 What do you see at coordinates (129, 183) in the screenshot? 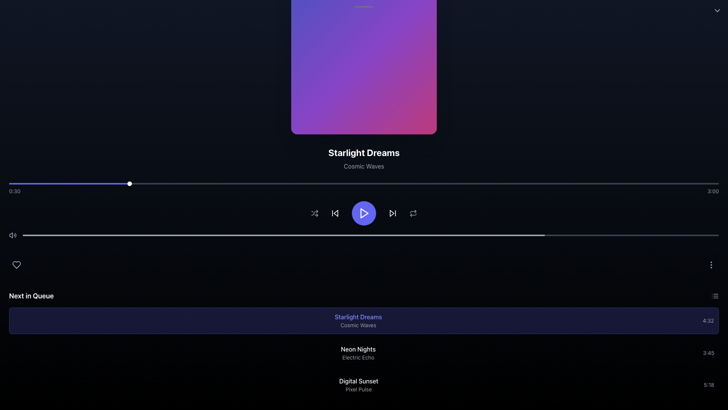
I see `the Progress indicator which represents the current playback position on the media progress bar, located approximately 16.67% from the left edge` at bounding box center [129, 183].